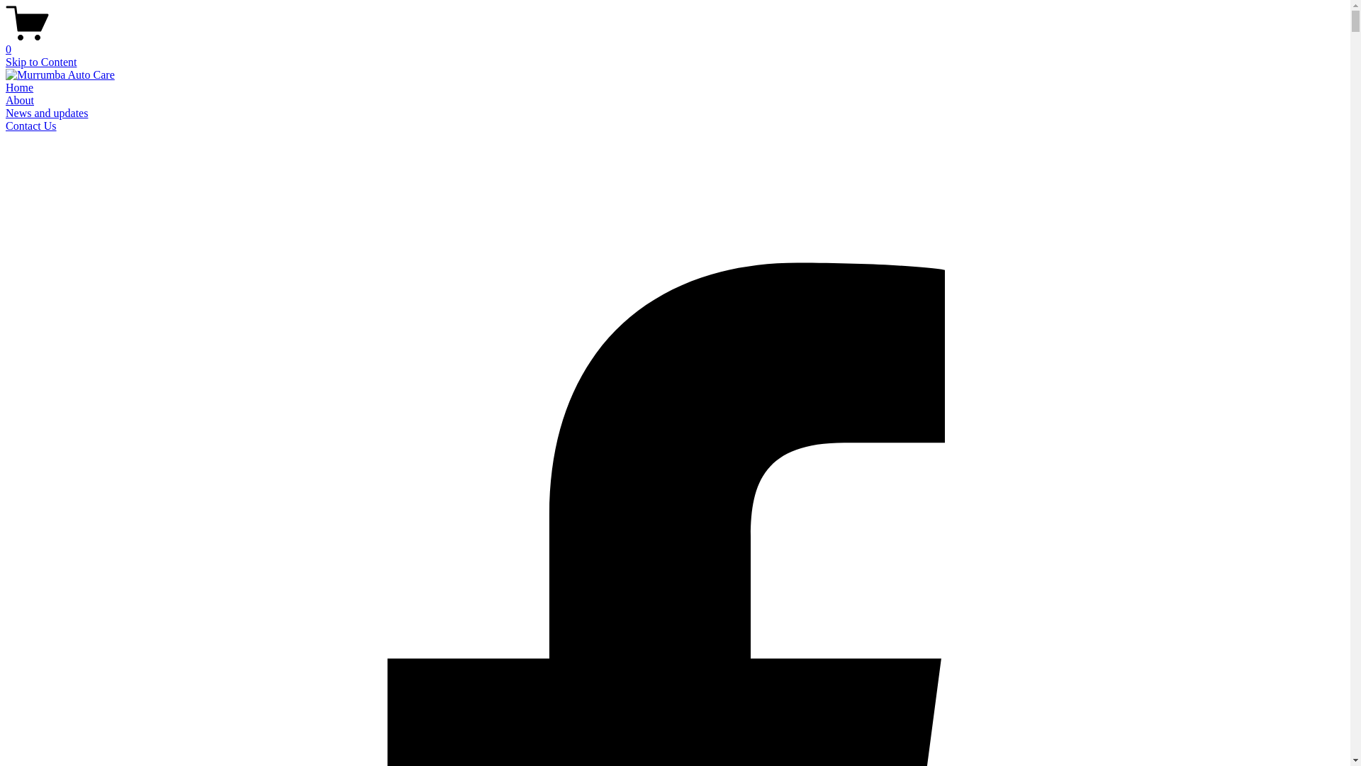  What do you see at coordinates (47, 112) in the screenshot?
I see `'News and updates'` at bounding box center [47, 112].